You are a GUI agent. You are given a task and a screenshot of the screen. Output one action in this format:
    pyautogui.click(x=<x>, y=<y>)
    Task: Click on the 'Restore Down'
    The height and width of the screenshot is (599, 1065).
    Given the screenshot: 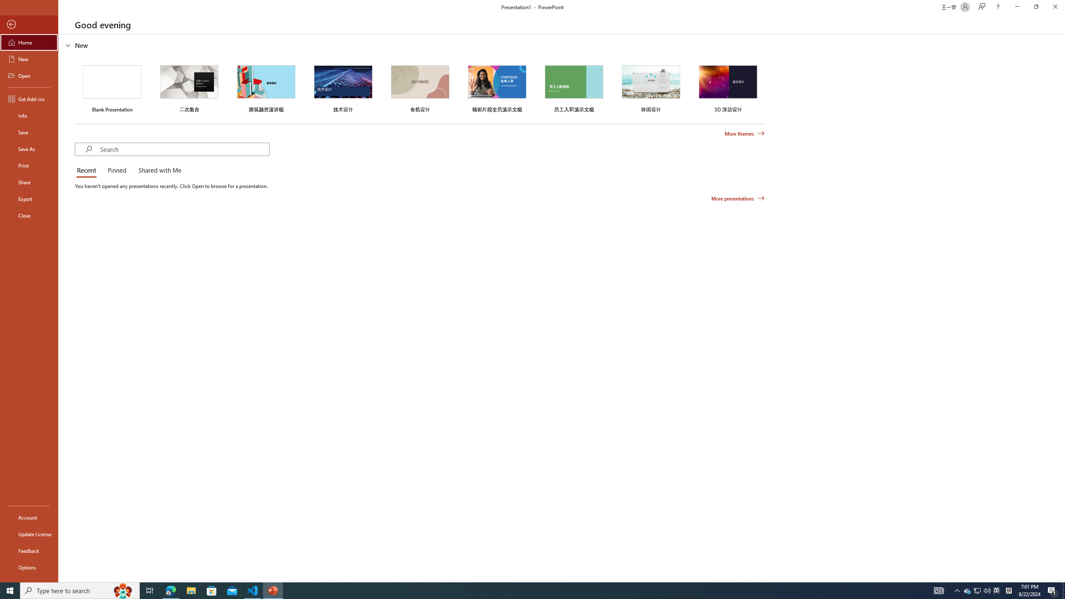 What is the action you would take?
    pyautogui.click(x=1036, y=7)
    